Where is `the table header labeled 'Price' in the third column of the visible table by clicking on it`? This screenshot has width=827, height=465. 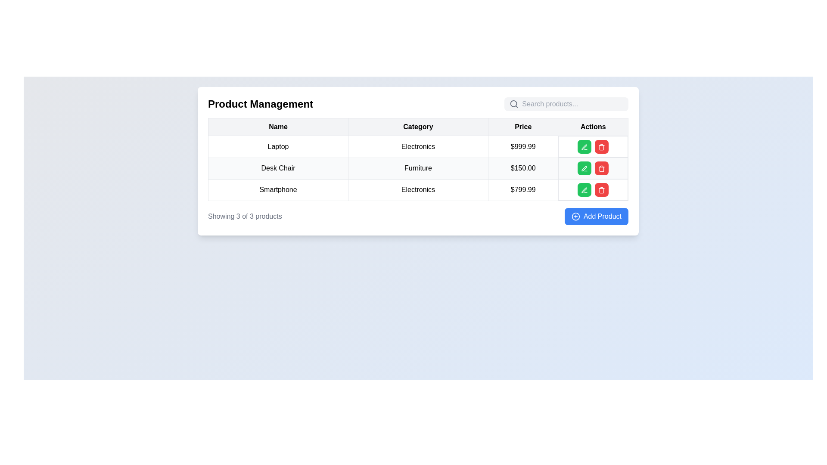
the table header labeled 'Price' in the third column of the visible table by clicking on it is located at coordinates (522, 127).